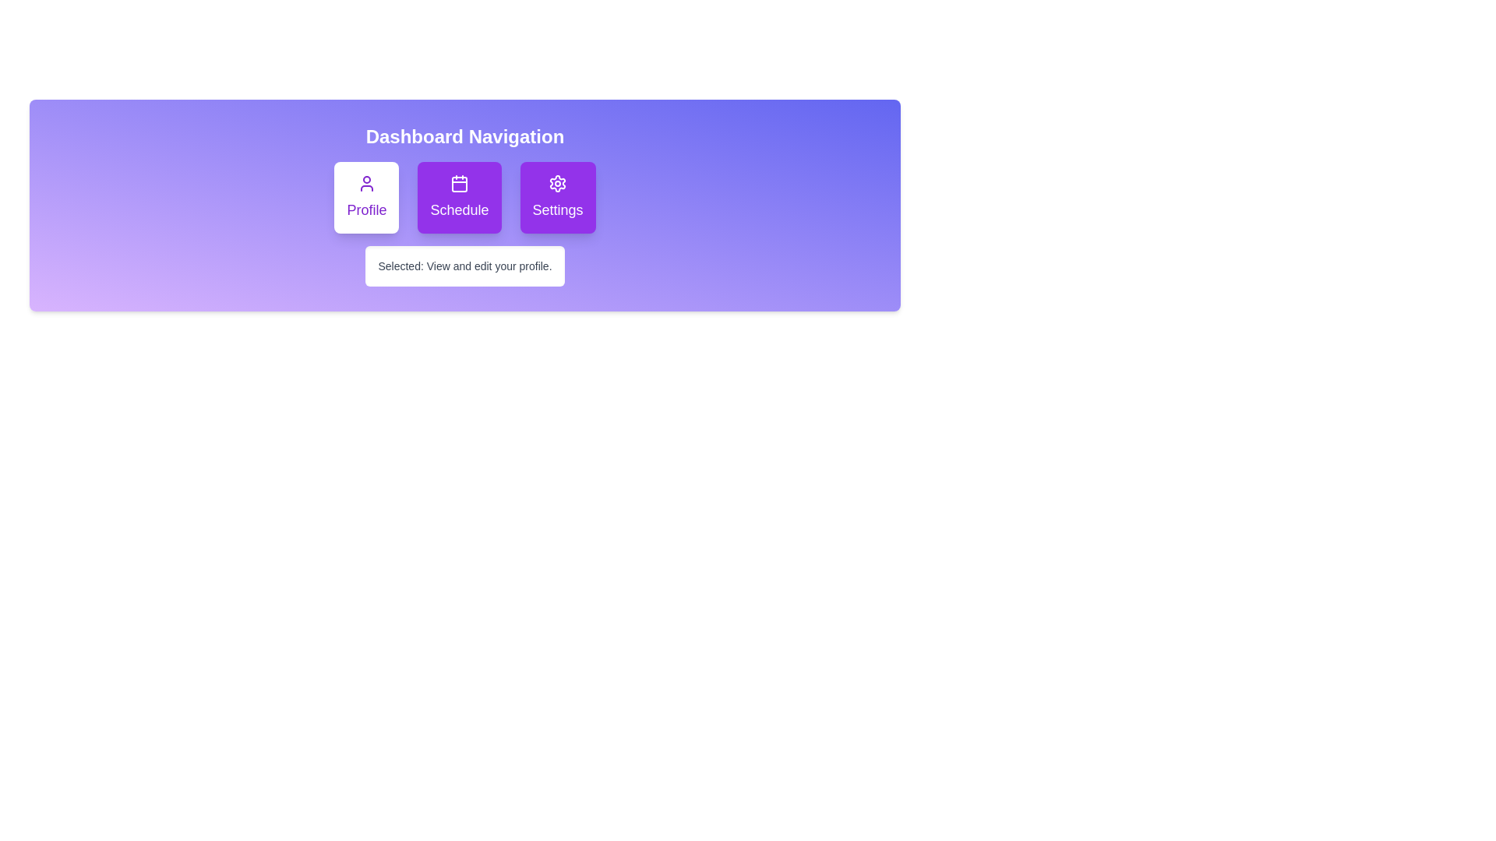  I want to click on the 'Profile' button, which is a small card with a white background, purple text, and a person icon above the 'Profile' label, located in the leftmost position of the navigation bar, so click(365, 197).